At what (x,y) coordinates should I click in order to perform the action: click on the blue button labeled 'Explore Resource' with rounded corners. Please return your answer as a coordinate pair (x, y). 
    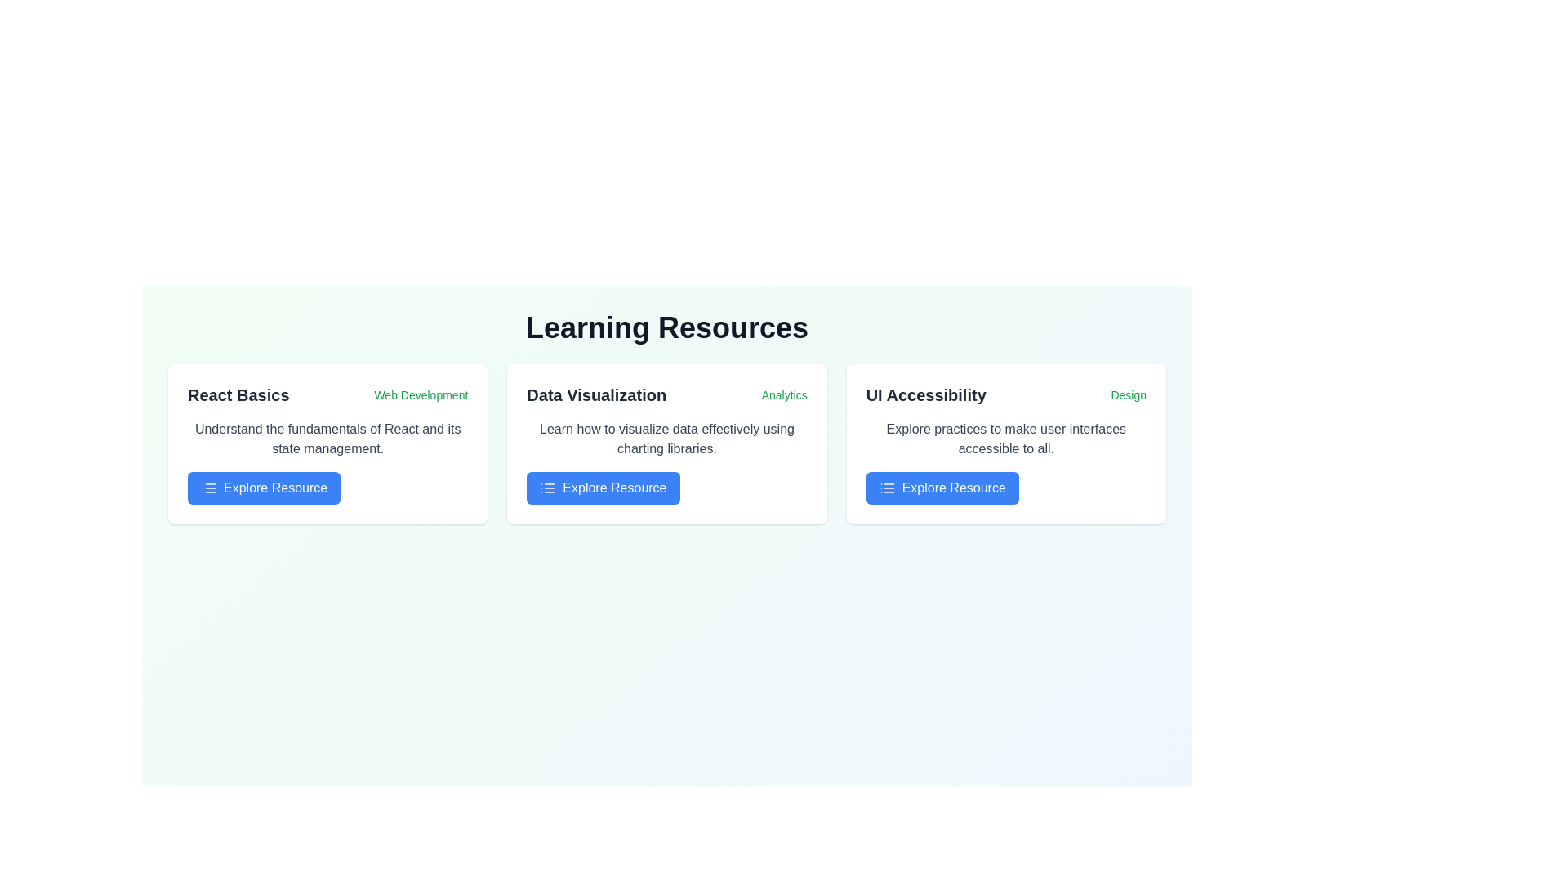
    Looking at the image, I should click on (942, 487).